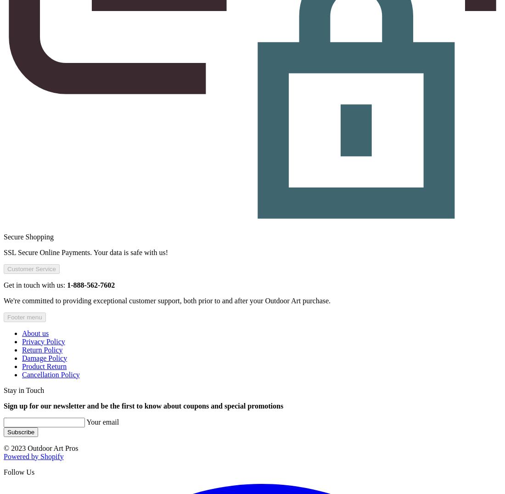  I want to click on 'Product Return', so click(44, 365).